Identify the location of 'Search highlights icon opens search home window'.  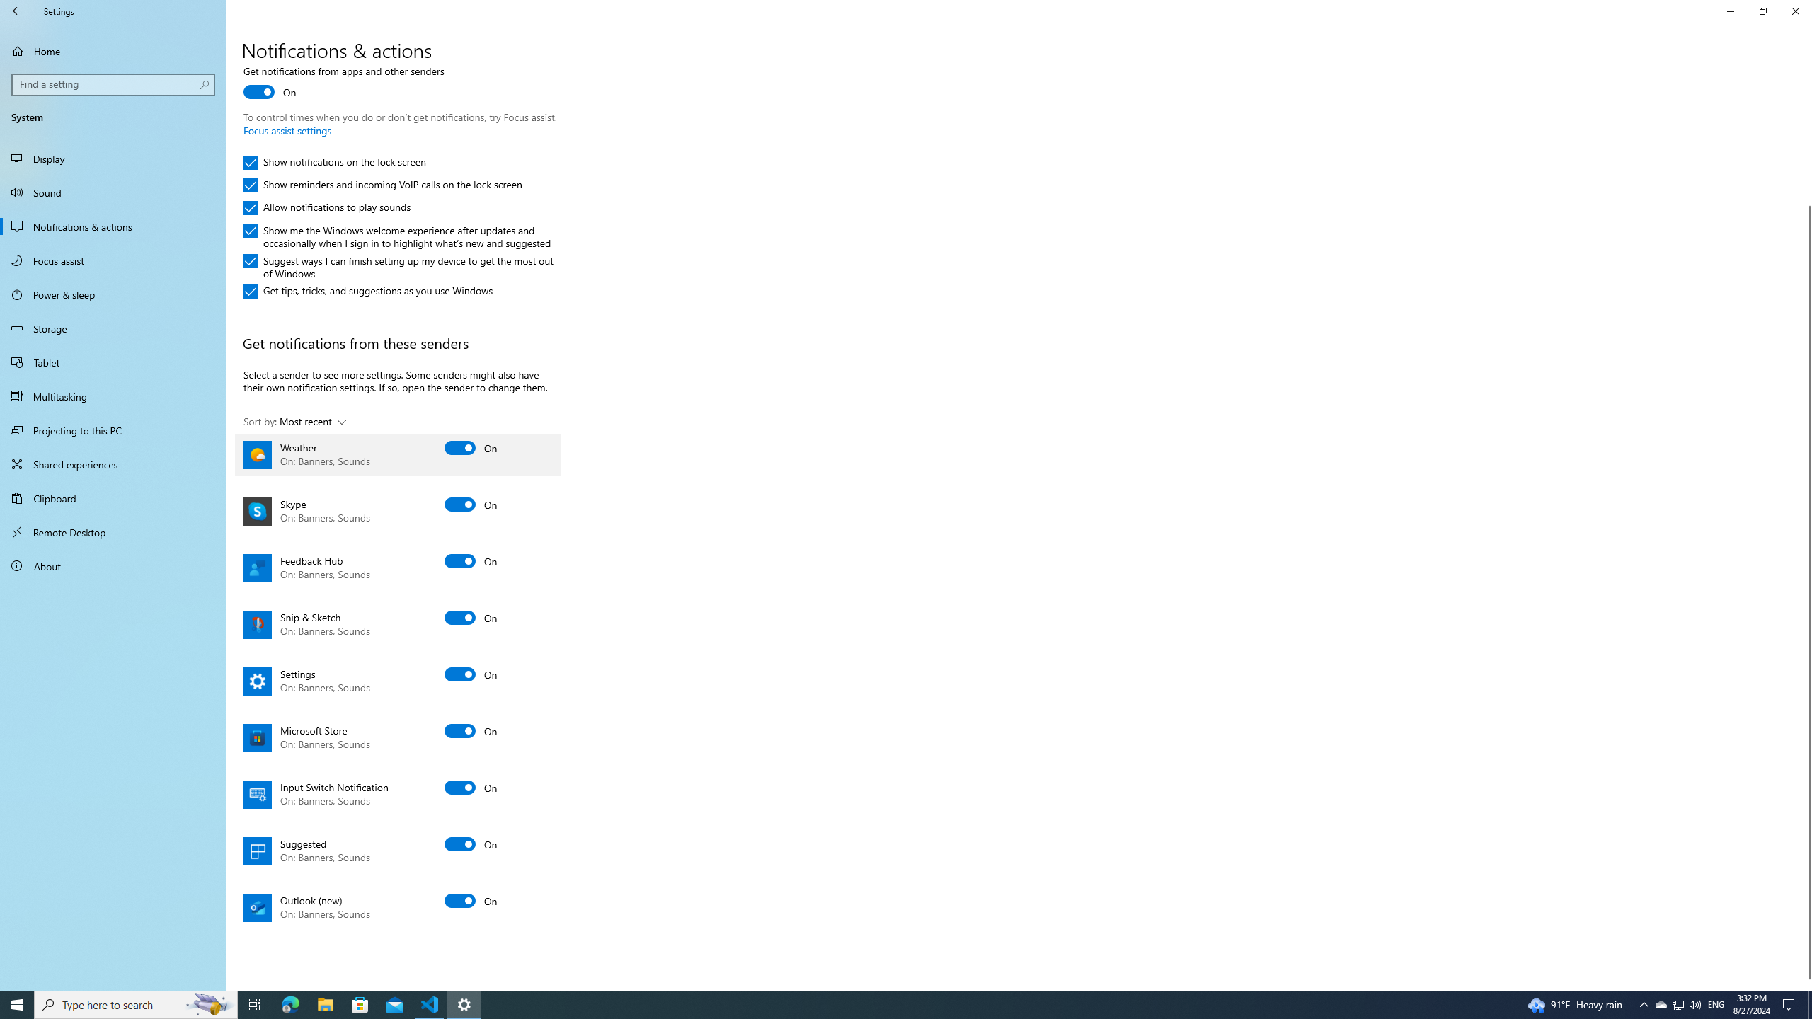
(208, 1003).